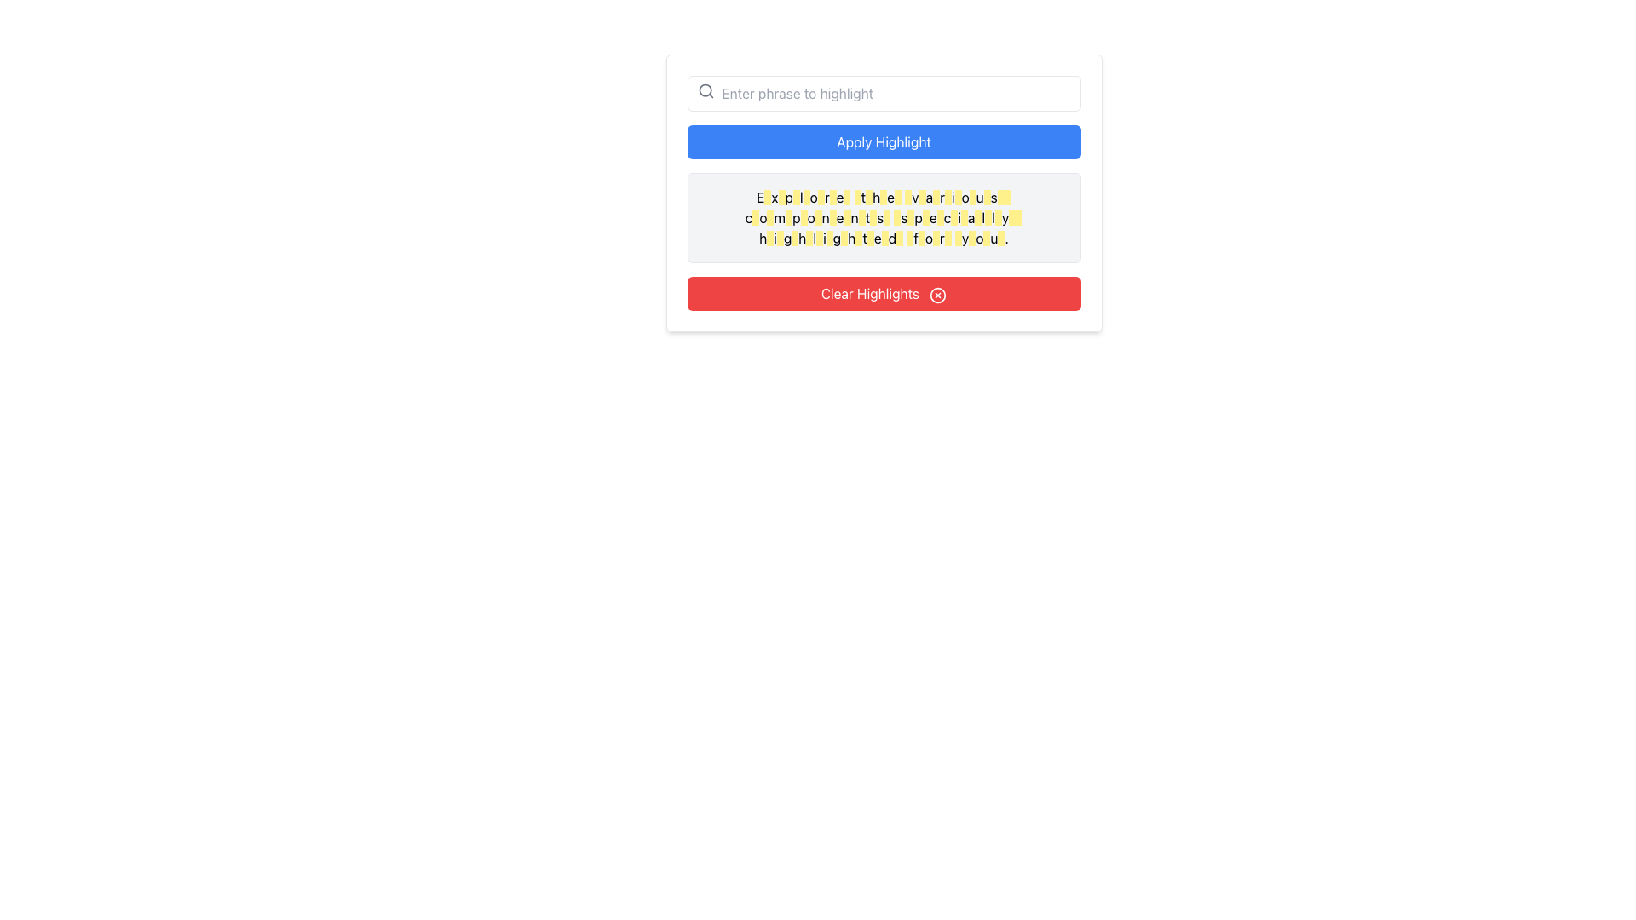 The height and width of the screenshot is (920, 1636). What do you see at coordinates (870, 239) in the screenshot?
I see `the 9th highlighted segment in the third row of the text content, which serves to emphasize a part of the textual instruction` at bounding box center [870, 239].